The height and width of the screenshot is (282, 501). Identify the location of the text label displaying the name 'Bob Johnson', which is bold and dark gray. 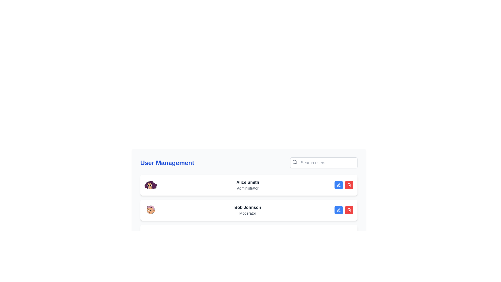
(247, 207).